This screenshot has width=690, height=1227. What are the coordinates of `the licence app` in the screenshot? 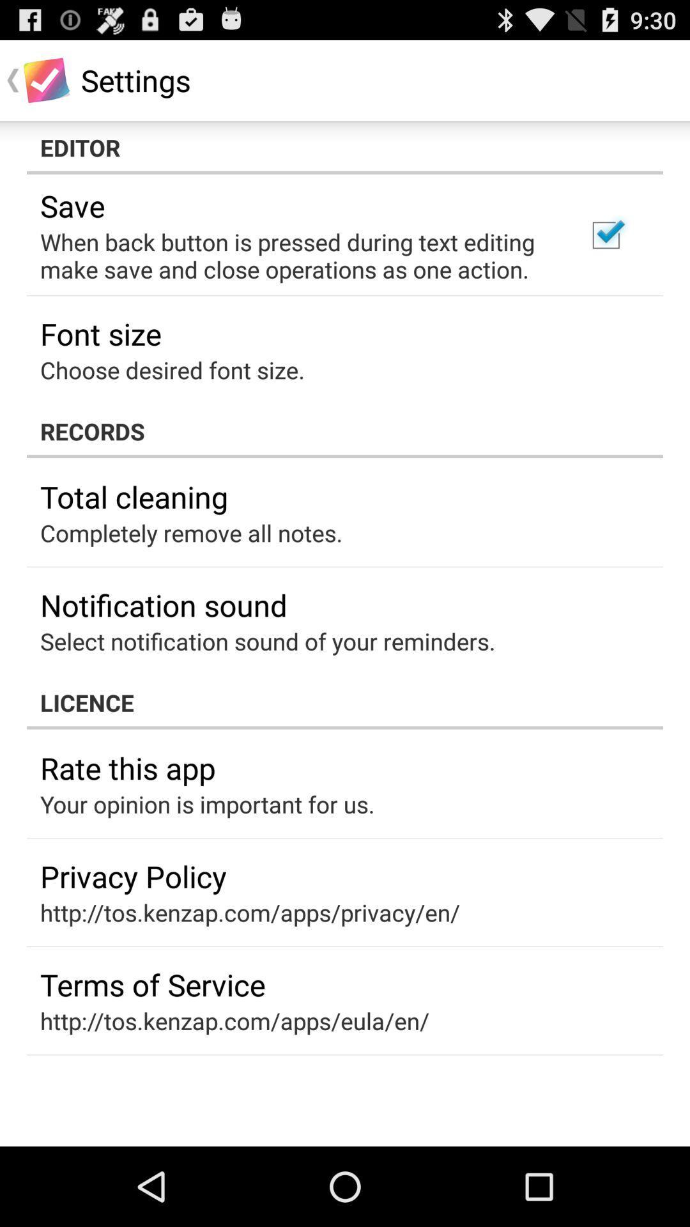 It's located at (345, 702).